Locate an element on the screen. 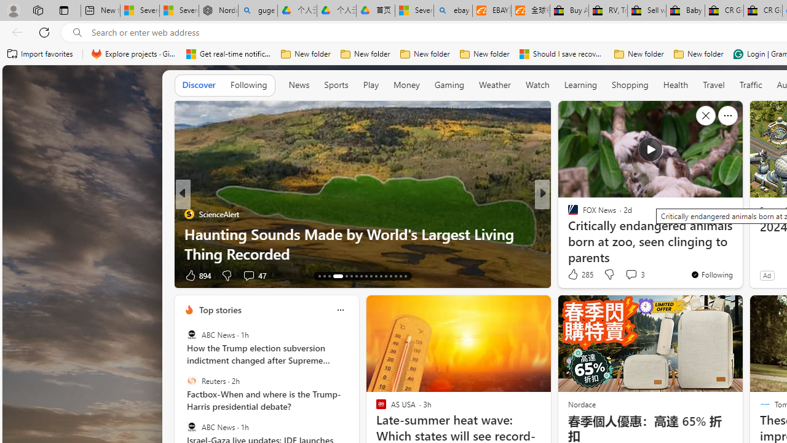 This screenshot has height=443, width=787. 'Baby Keepsakes & Announcements for sale | eBay' is located at coordinates (684, 10).